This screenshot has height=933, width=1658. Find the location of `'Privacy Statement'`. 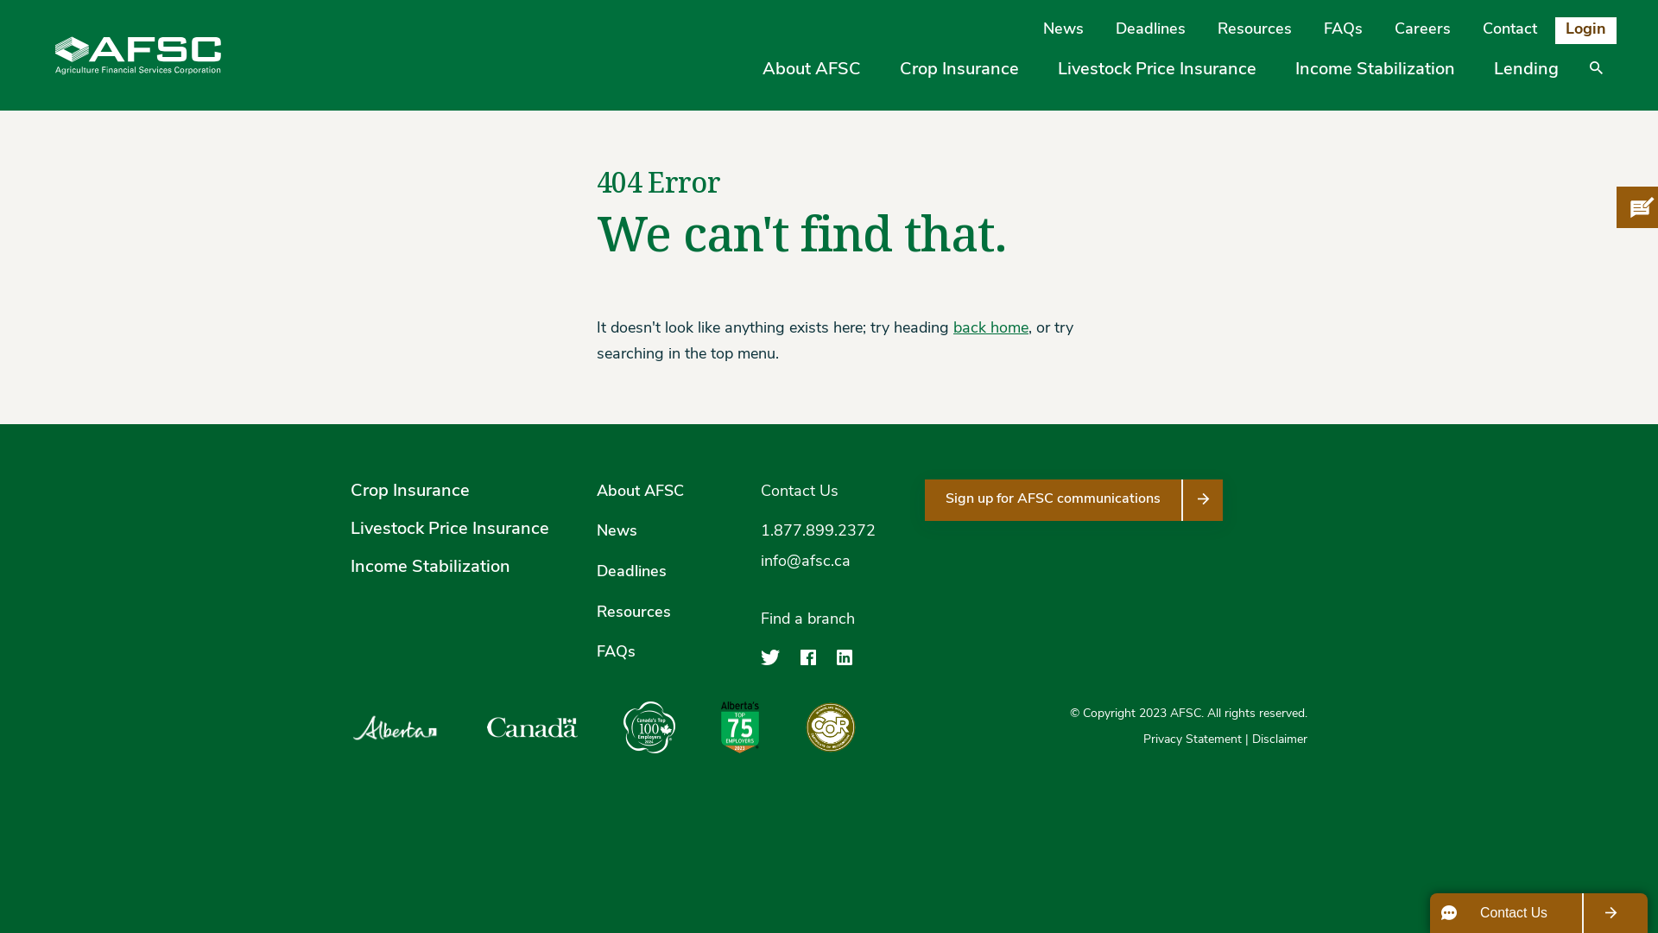

'Privacy Statement' is located at coordinates (1192, 739).